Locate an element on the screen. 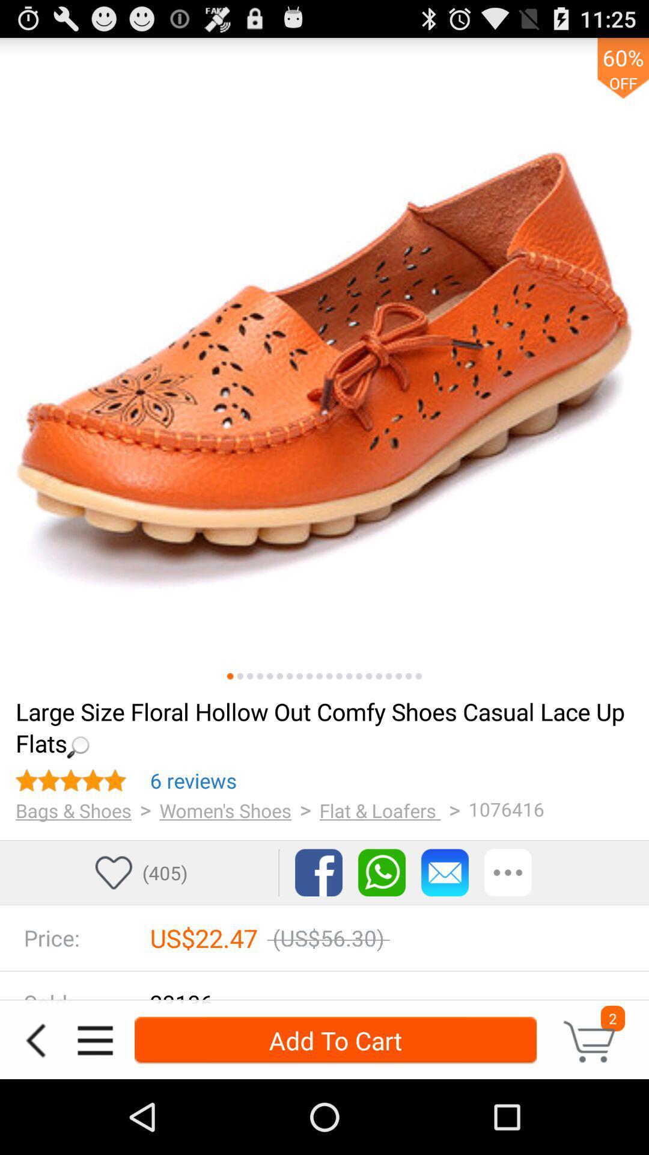  email the information about this product to an email address is located at coordinates (445, 872).